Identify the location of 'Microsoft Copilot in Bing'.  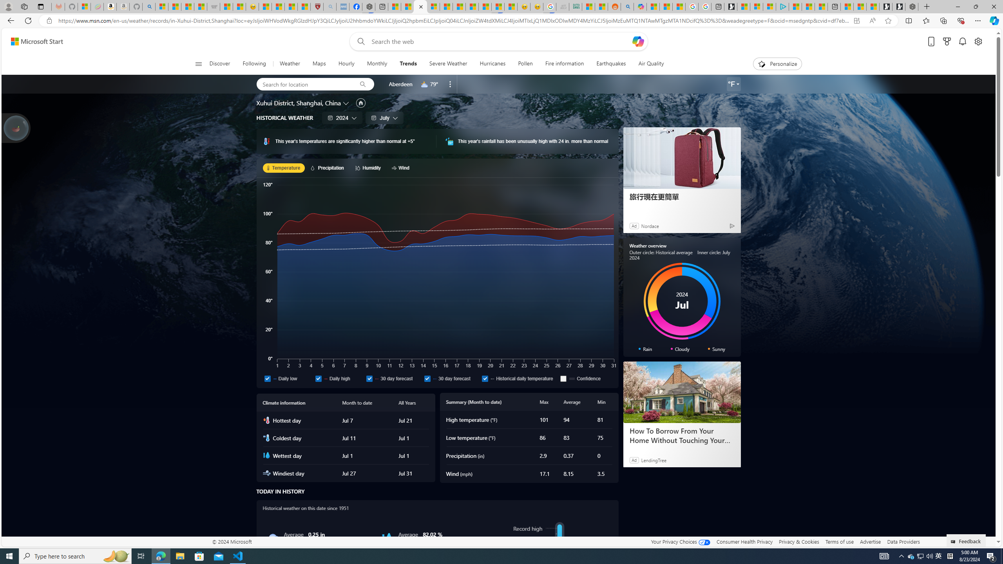
(640, 6).